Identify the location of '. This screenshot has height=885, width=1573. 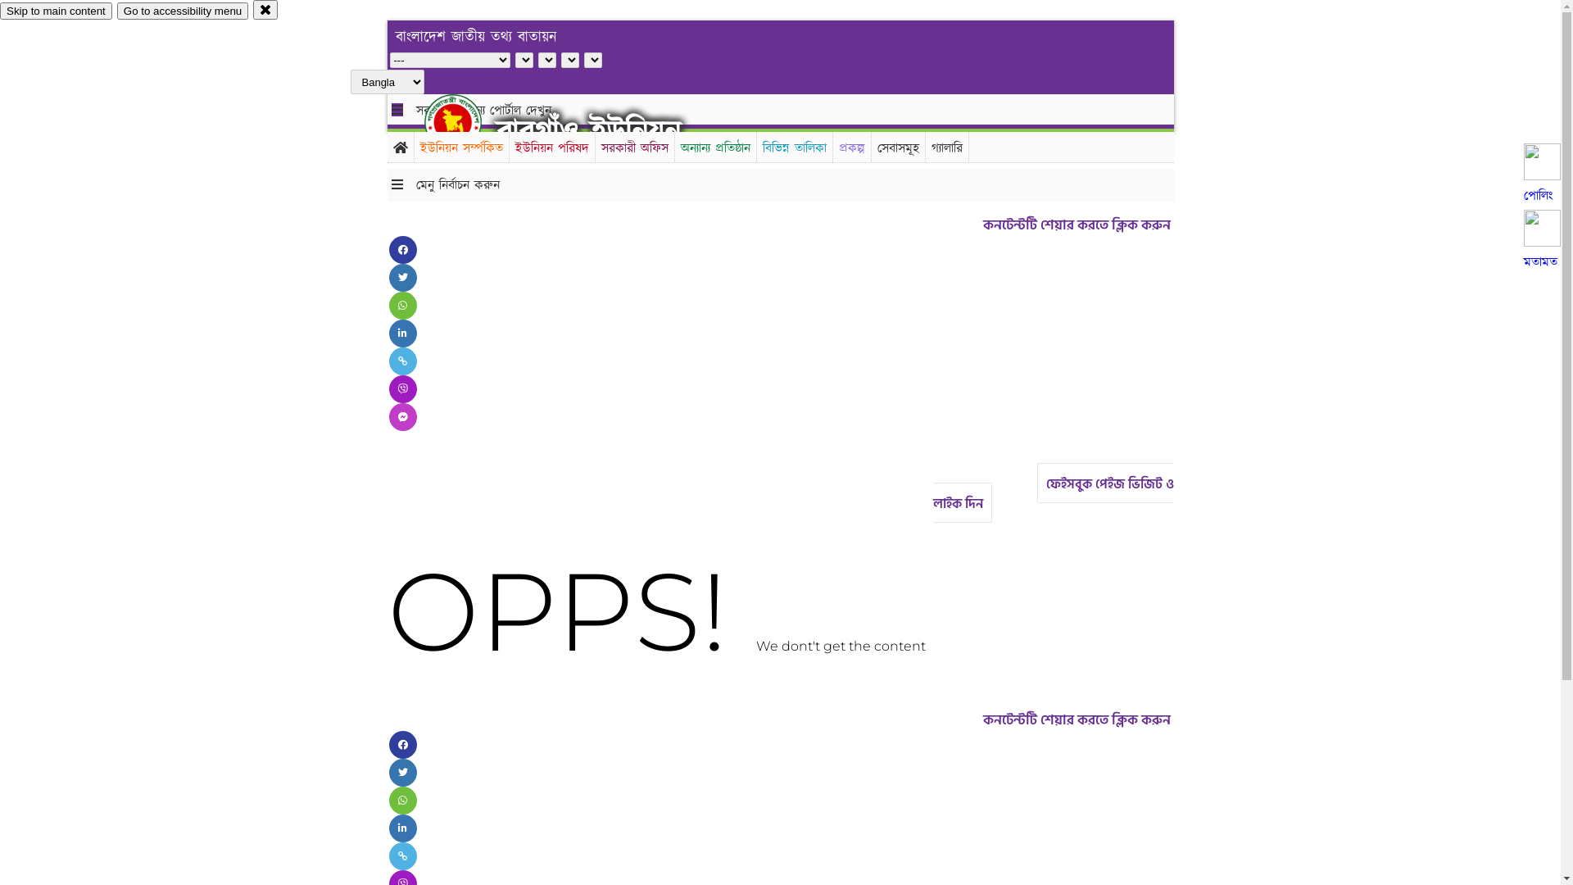
(424, 121).